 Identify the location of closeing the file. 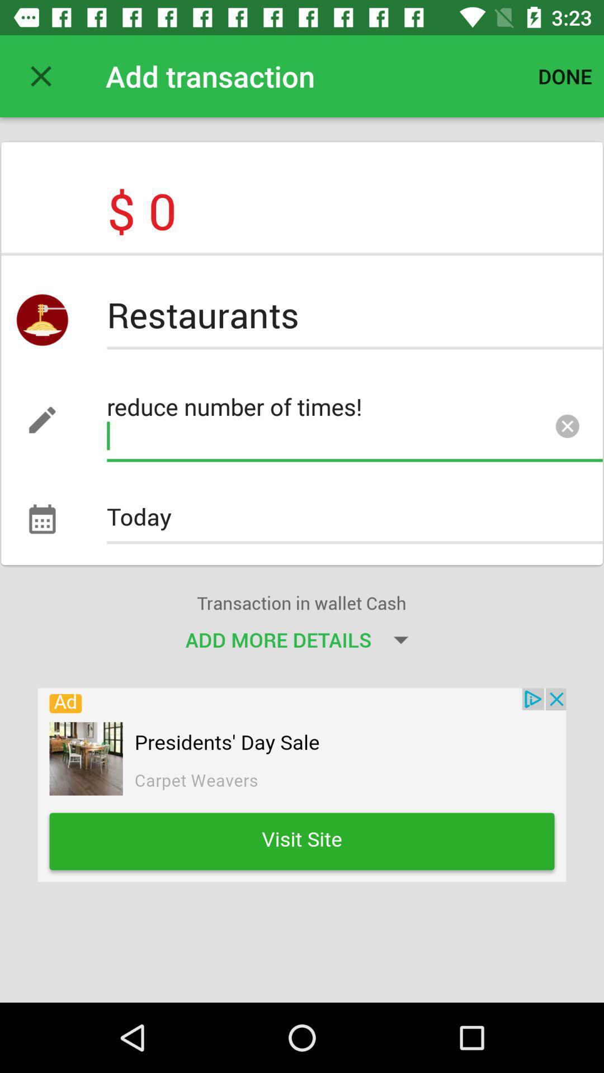
(40, 75).